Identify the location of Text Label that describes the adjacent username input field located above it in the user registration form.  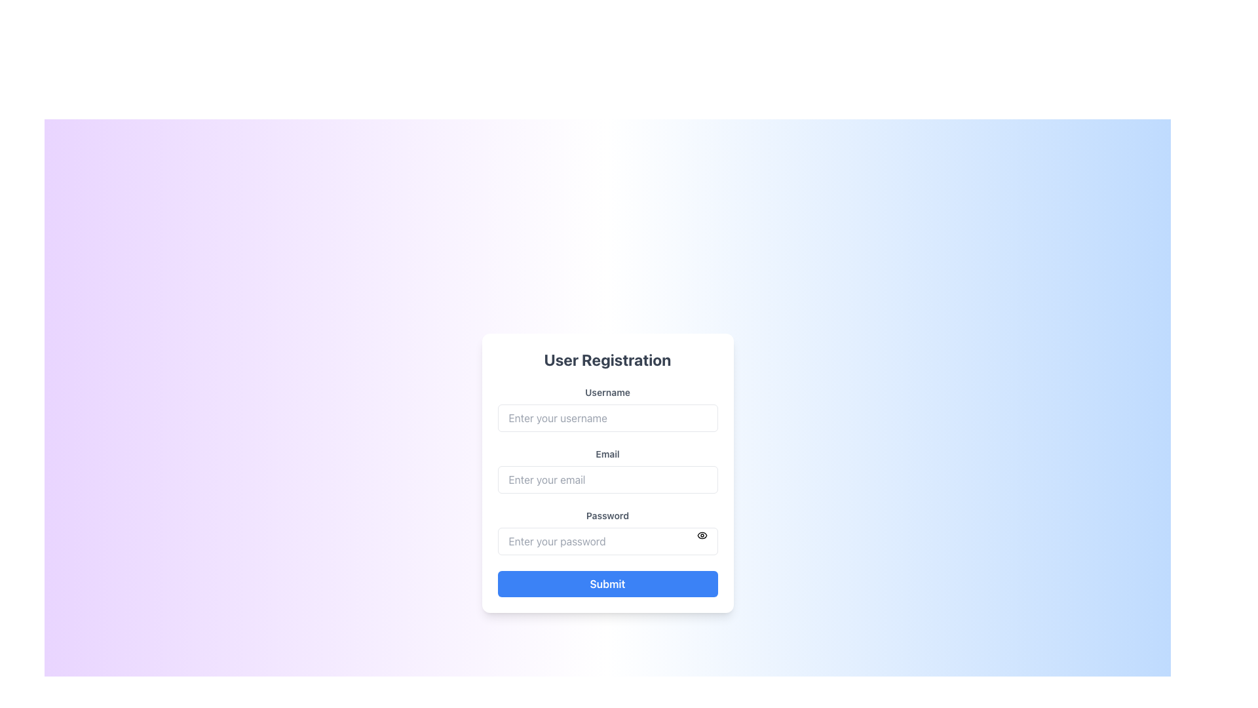
(607, 391).